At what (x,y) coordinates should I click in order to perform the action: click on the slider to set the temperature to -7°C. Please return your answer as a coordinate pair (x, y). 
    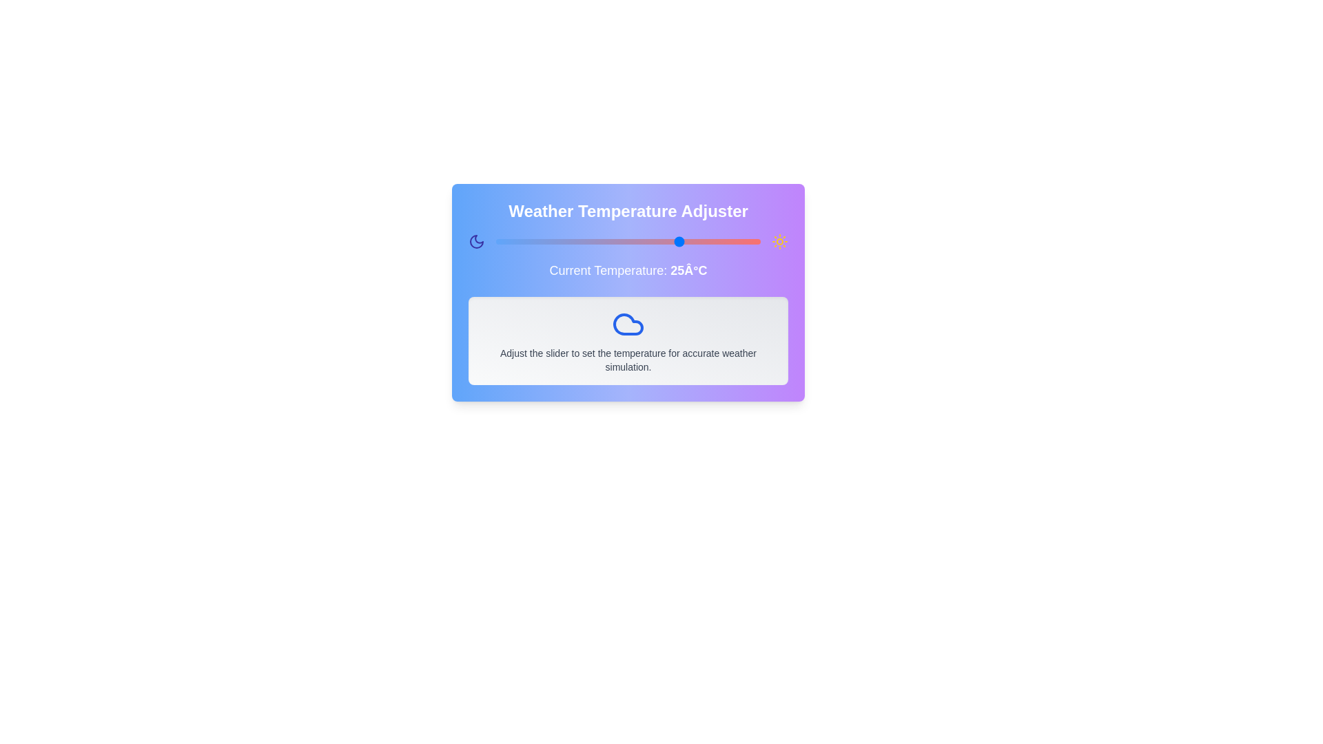
    Looking at the image, I should click on (511, 241).